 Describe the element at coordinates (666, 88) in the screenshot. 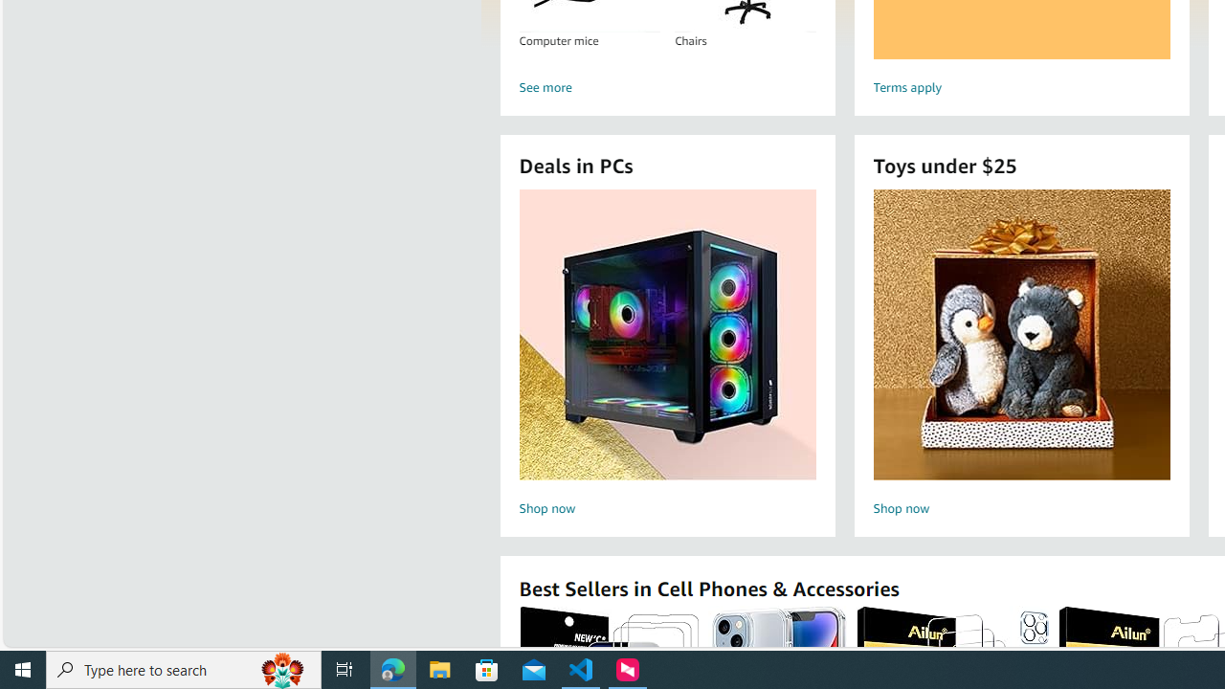

I see `'See more'` at that location.